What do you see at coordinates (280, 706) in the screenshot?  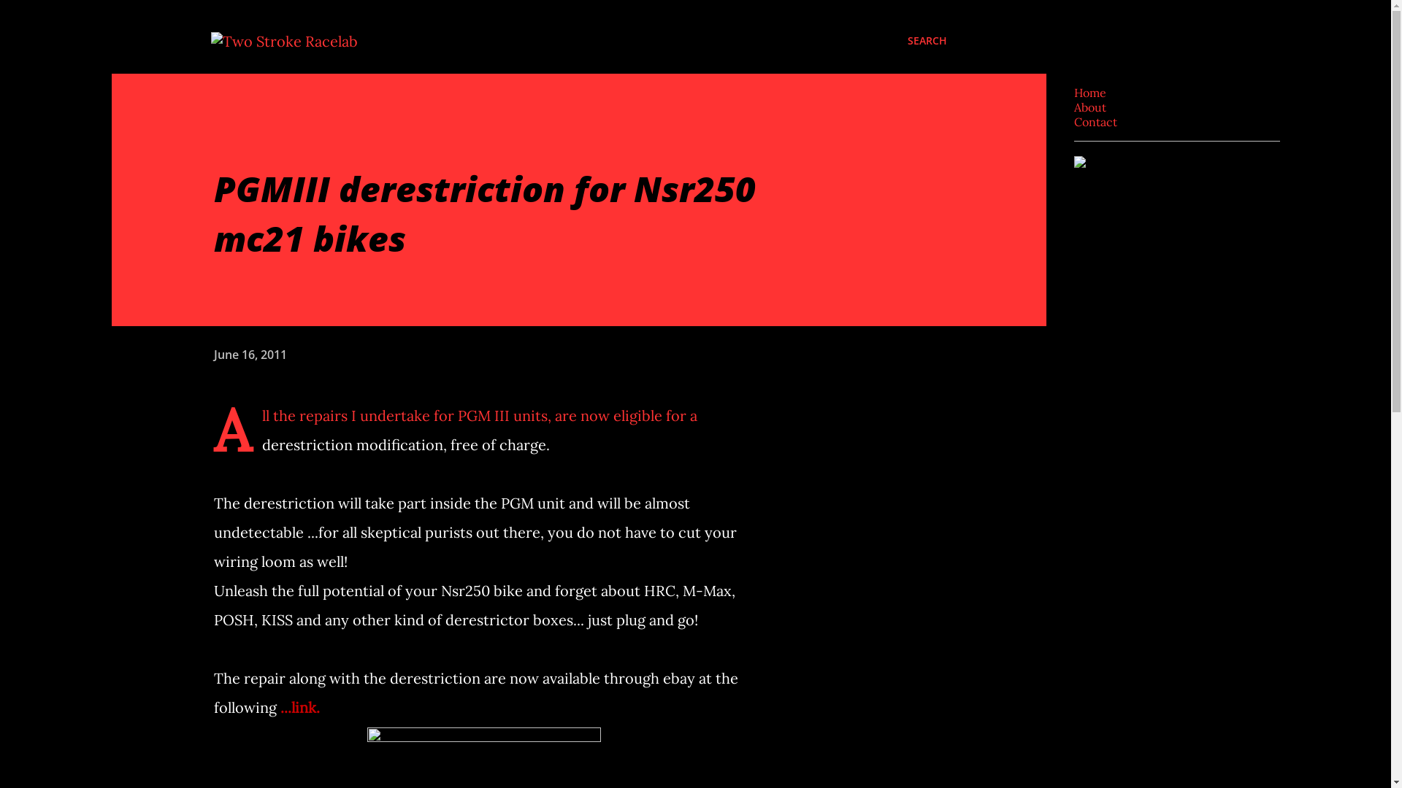 I see `'...link.'` at bounding box center [280, 706].